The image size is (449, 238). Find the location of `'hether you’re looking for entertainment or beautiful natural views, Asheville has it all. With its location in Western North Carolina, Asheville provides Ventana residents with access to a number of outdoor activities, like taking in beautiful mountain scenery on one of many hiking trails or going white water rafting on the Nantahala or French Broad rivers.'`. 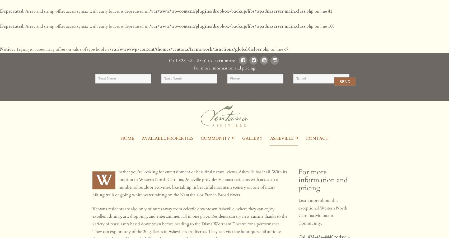

'hether you’re looking for entertainment or beautiful natural views, Asheville has it all. With its location in Western North Carolina, Asheville provides Ventana residents with access to a number of outdoor activities, like taking in beautiful mountain scenery on one of many hiking trails or going white water rafting on the Nantahala or French Broad rivers.' is located at coordinates (190, 183).